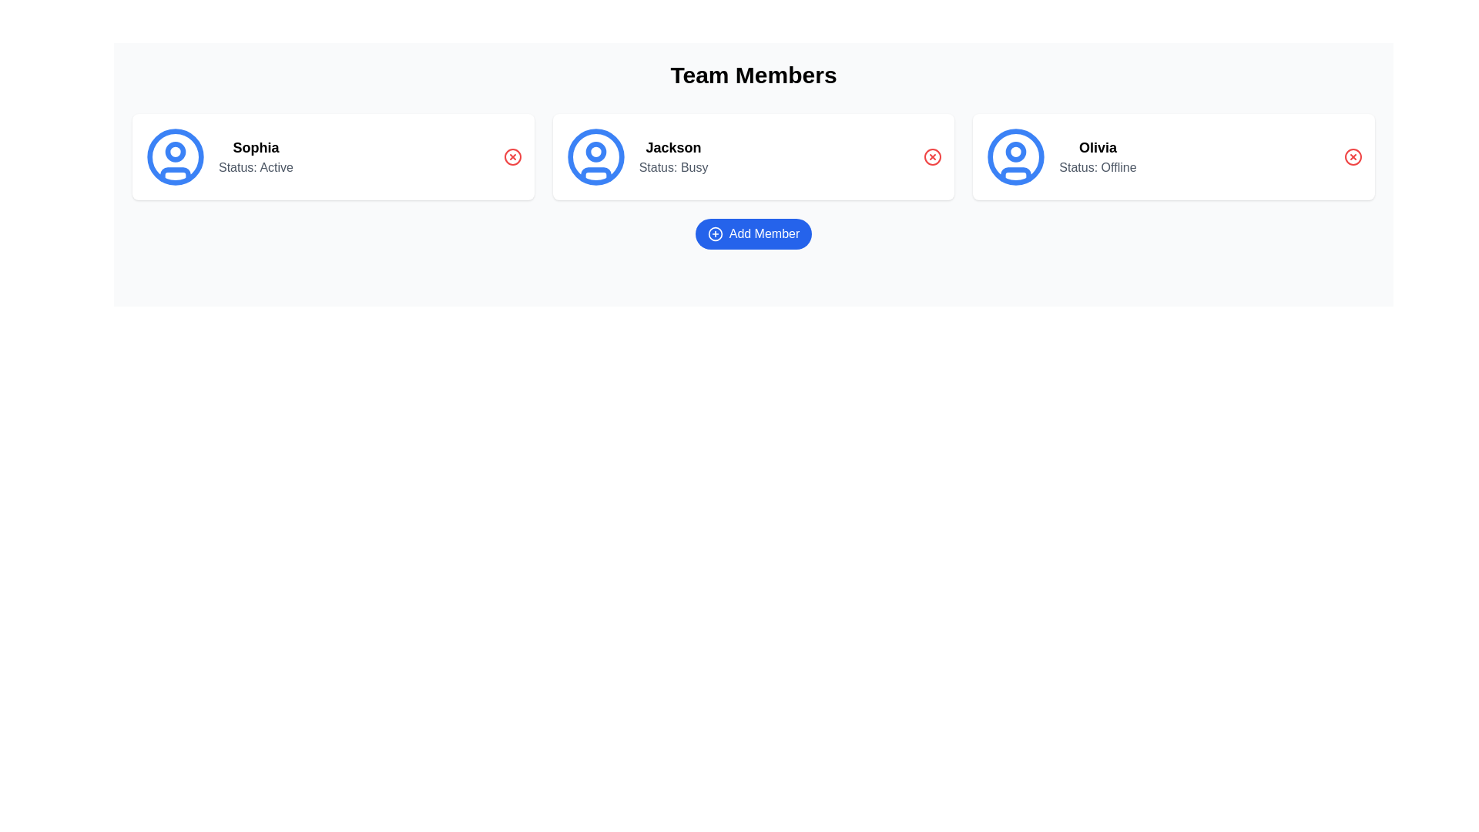 Image resolution: width=1479 pixels, height=832 pixels. Describe the element at coordinates (1097, 168) in the screenshot. I see `the text label displaying 'Status: Offline' in gray font, which is located below the name 'Olivia' in the third user card` at that location.